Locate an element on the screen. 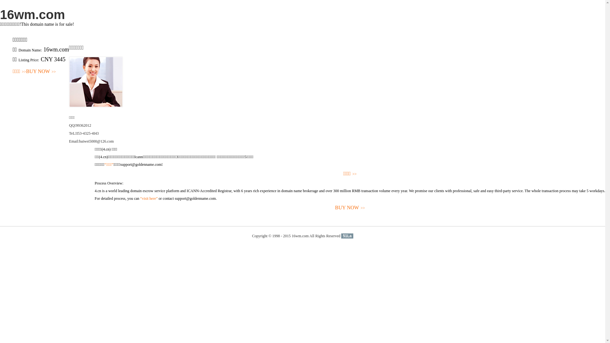  '51La' is located at coordinates (347, 236).